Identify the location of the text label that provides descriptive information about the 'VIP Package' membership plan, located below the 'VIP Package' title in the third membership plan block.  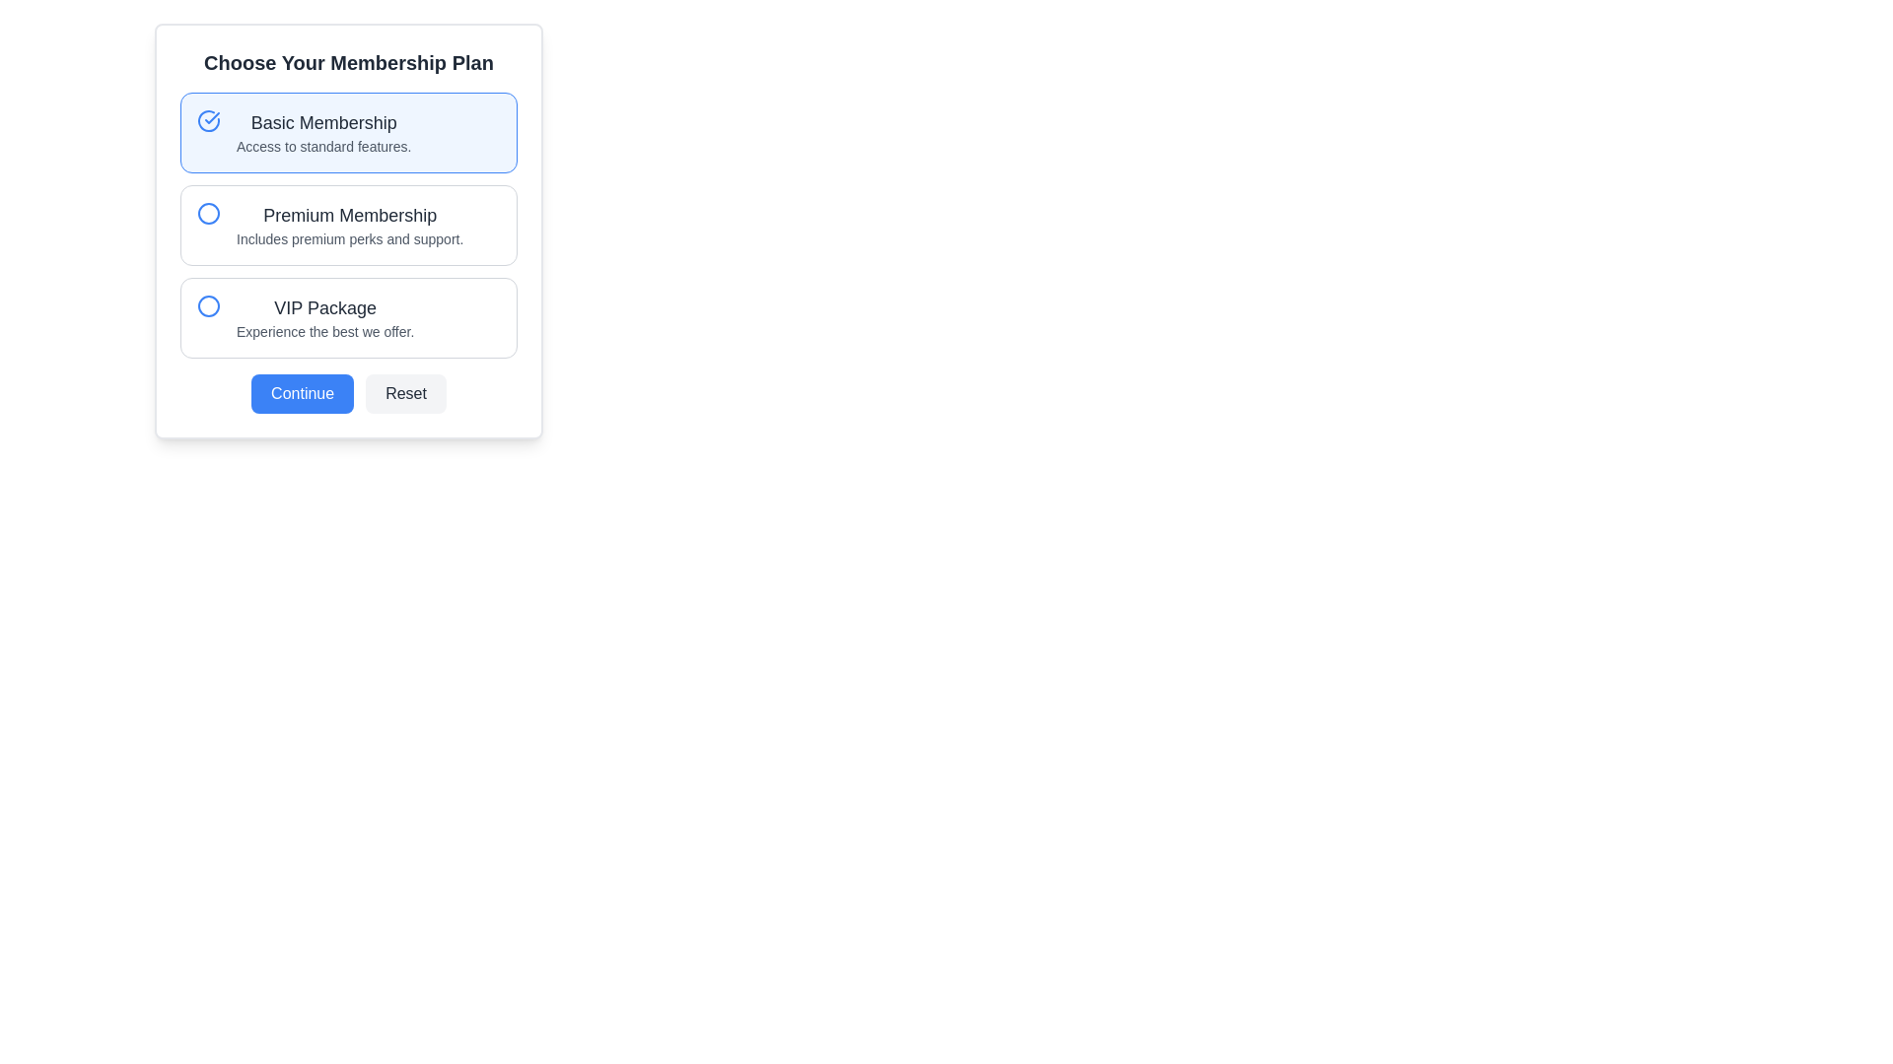
(325, 330).